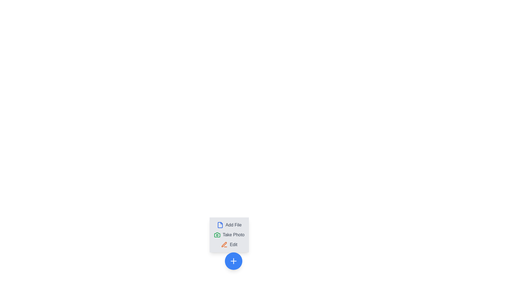 The image size is (524, 295). Describe the element at coordinates (224, 244) in the screenshot. I see `the orange pen icon located next to the 'Edit' text in the popup menu` at that location.